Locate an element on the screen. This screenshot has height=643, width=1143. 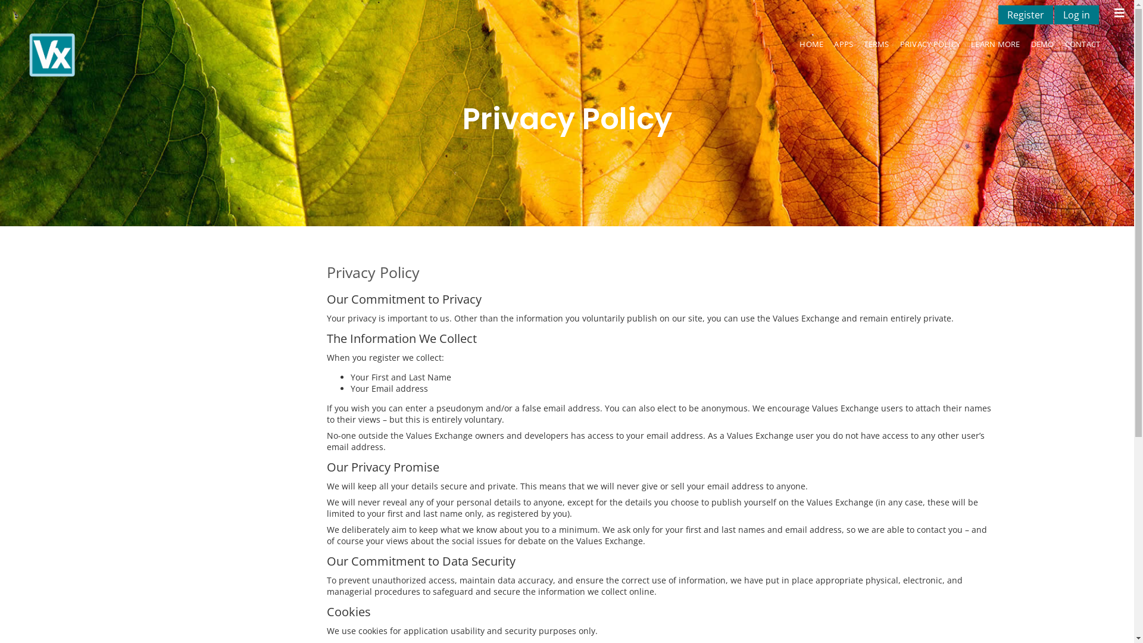
'Log in' is located at coordinates (1076, 14).